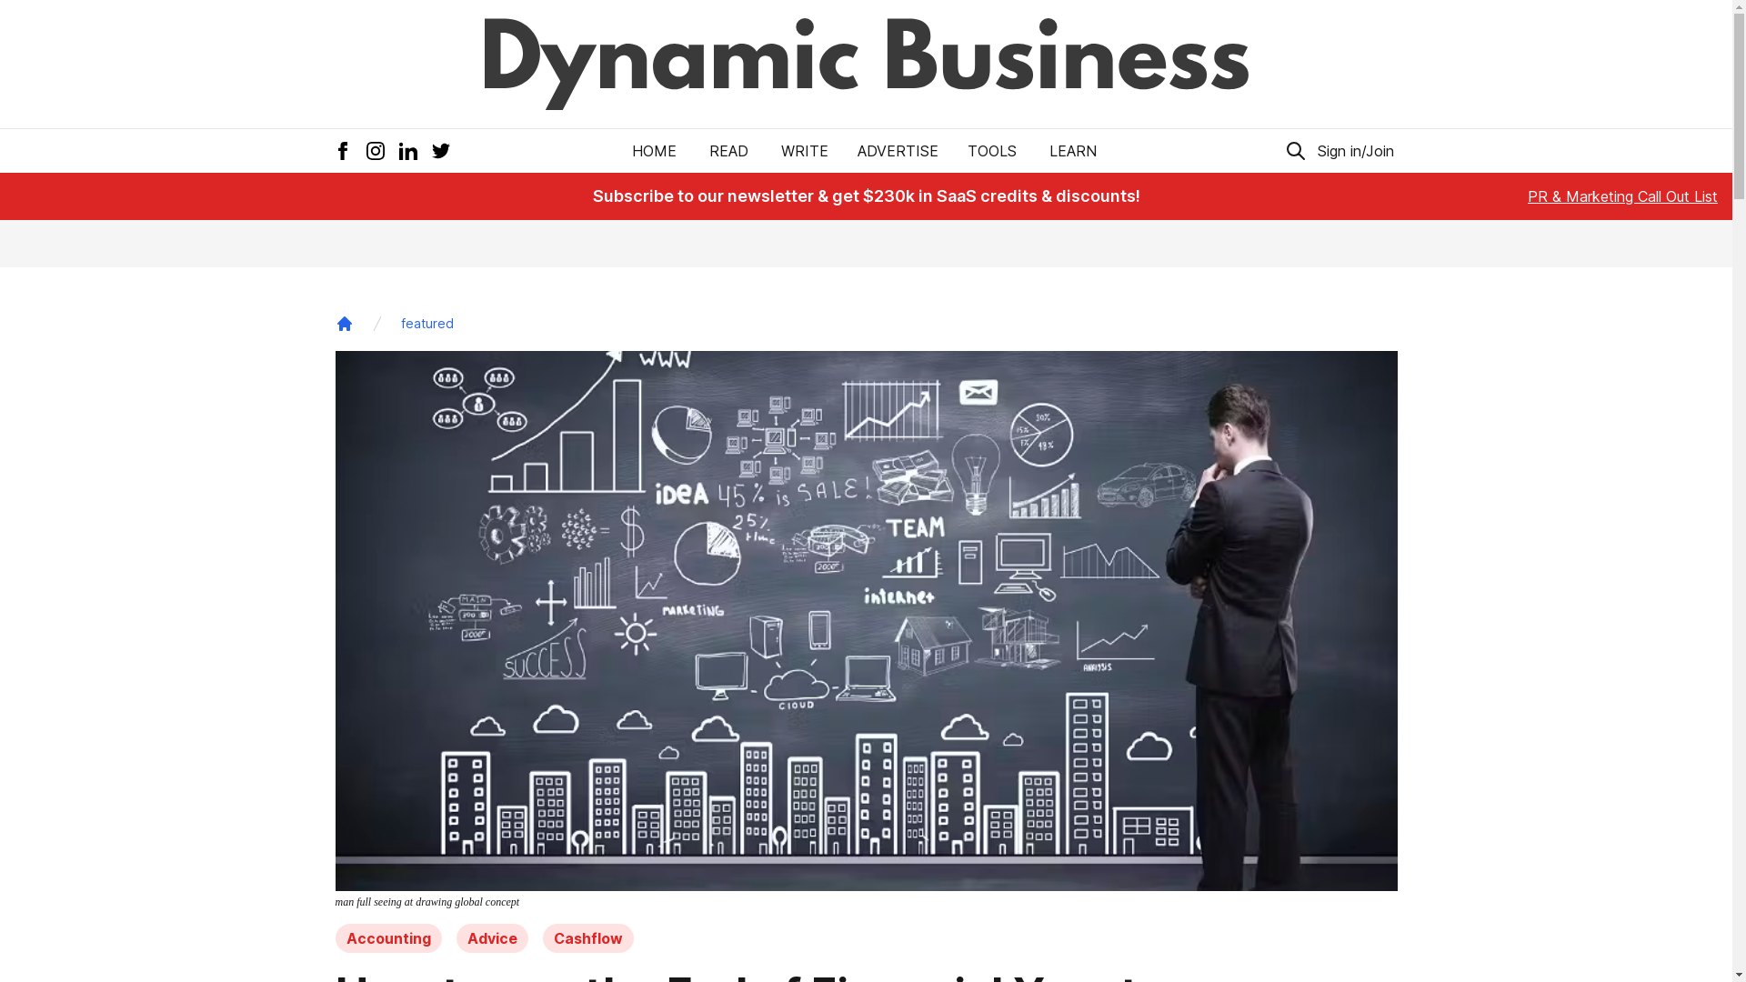  I want to click on 'LEARN', so click(1046, 149).